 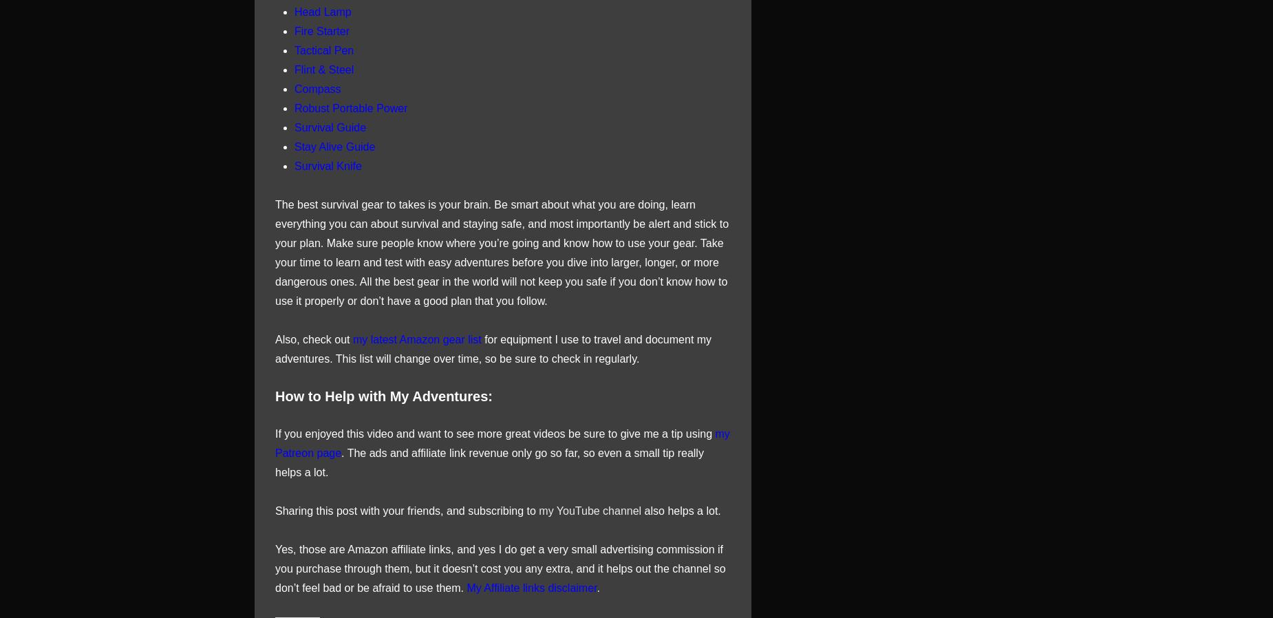 I want to click on 'Stay Alive Guide', so click(x=334, y=145).